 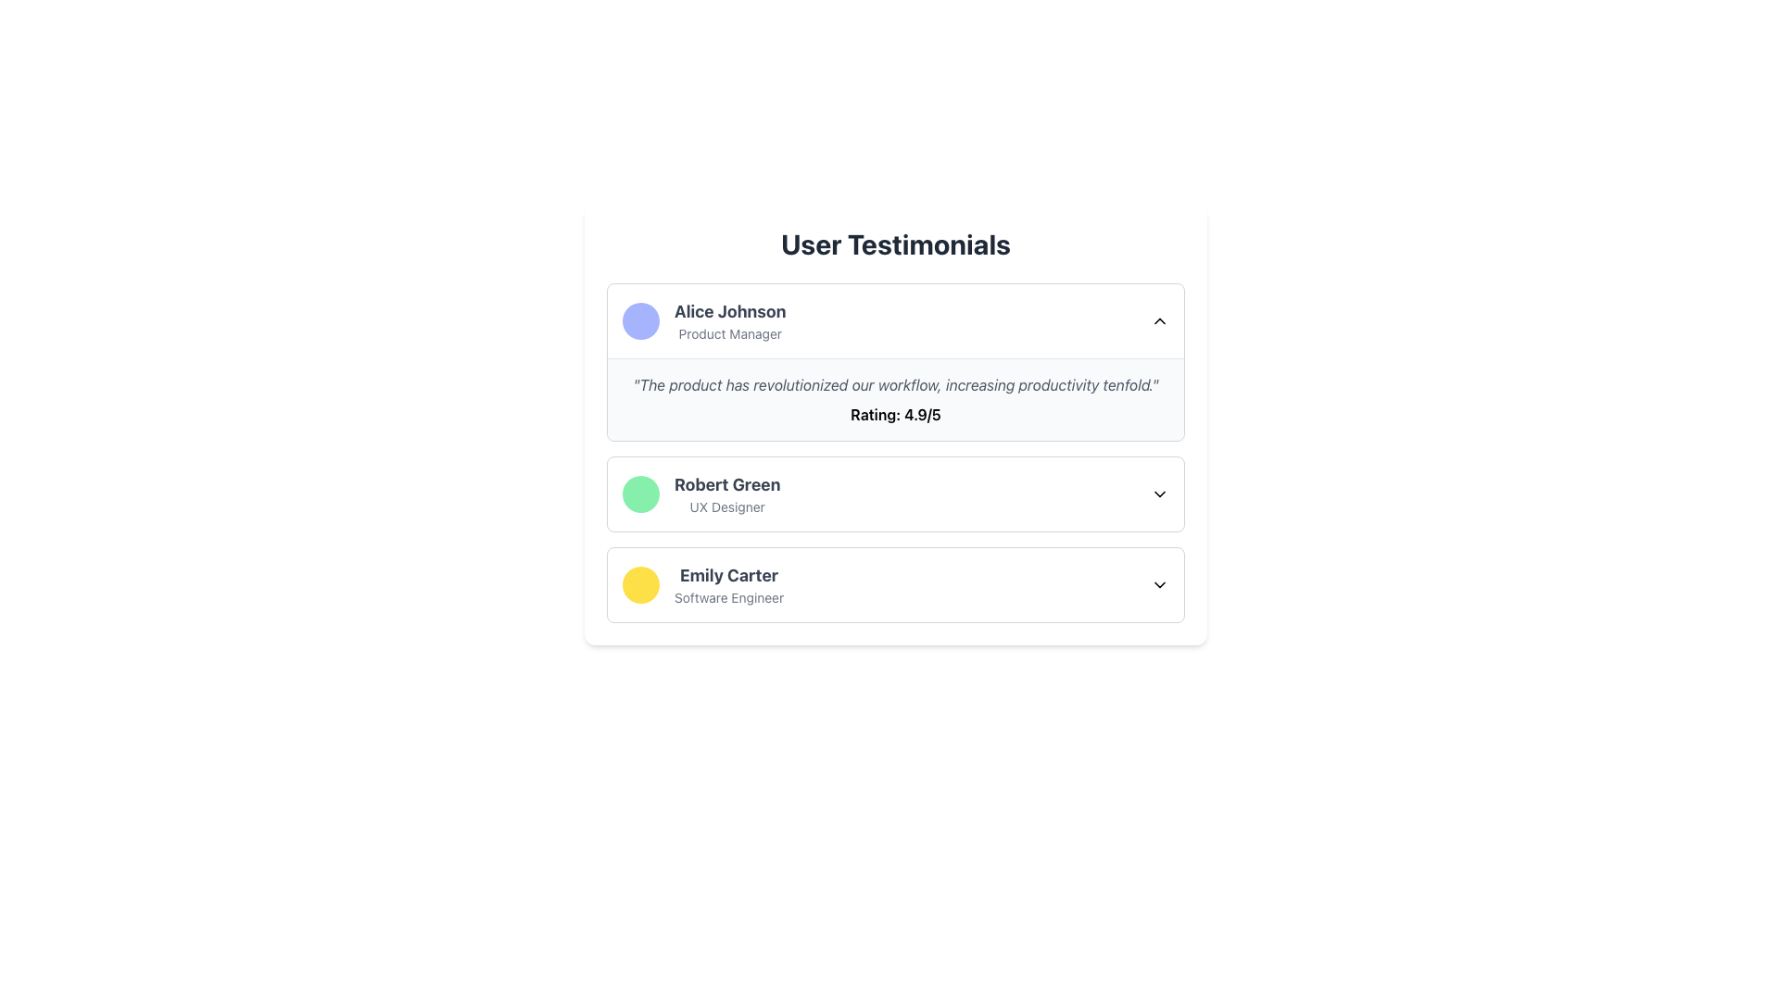 I want to click on text label displaying 'Software Engineer' located below the name 'Emily Carter' in the testimonial card layout, so click(x=728, y=597).